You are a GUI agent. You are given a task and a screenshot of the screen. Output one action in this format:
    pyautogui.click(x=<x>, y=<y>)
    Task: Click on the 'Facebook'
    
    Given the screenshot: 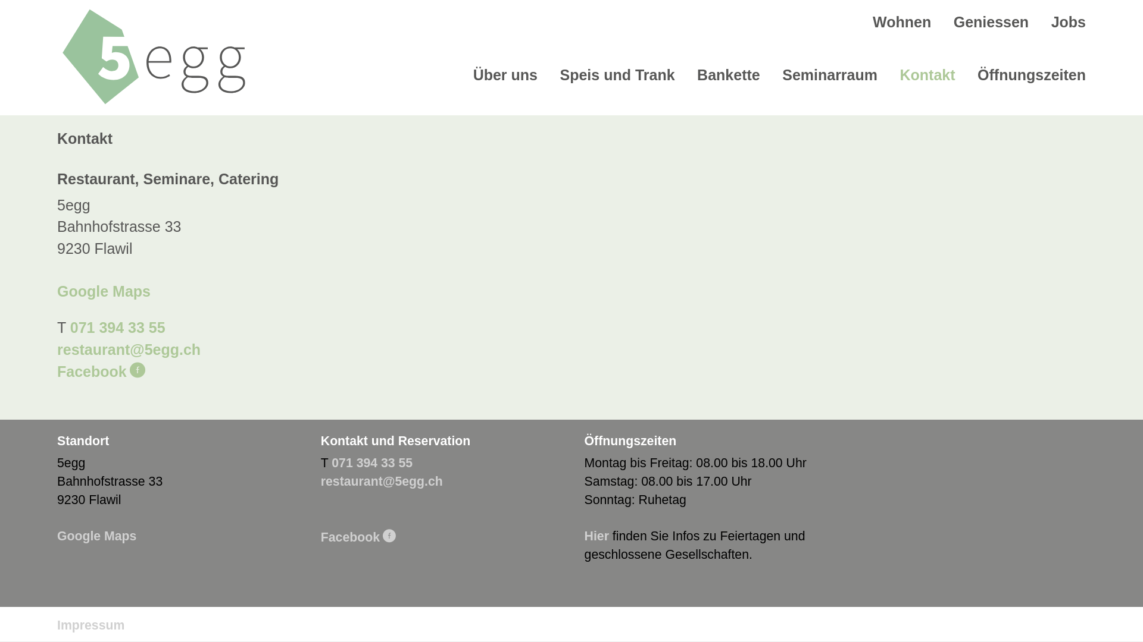 What is the action you would take?
    pyautogui.click(x=101, y=370)
    